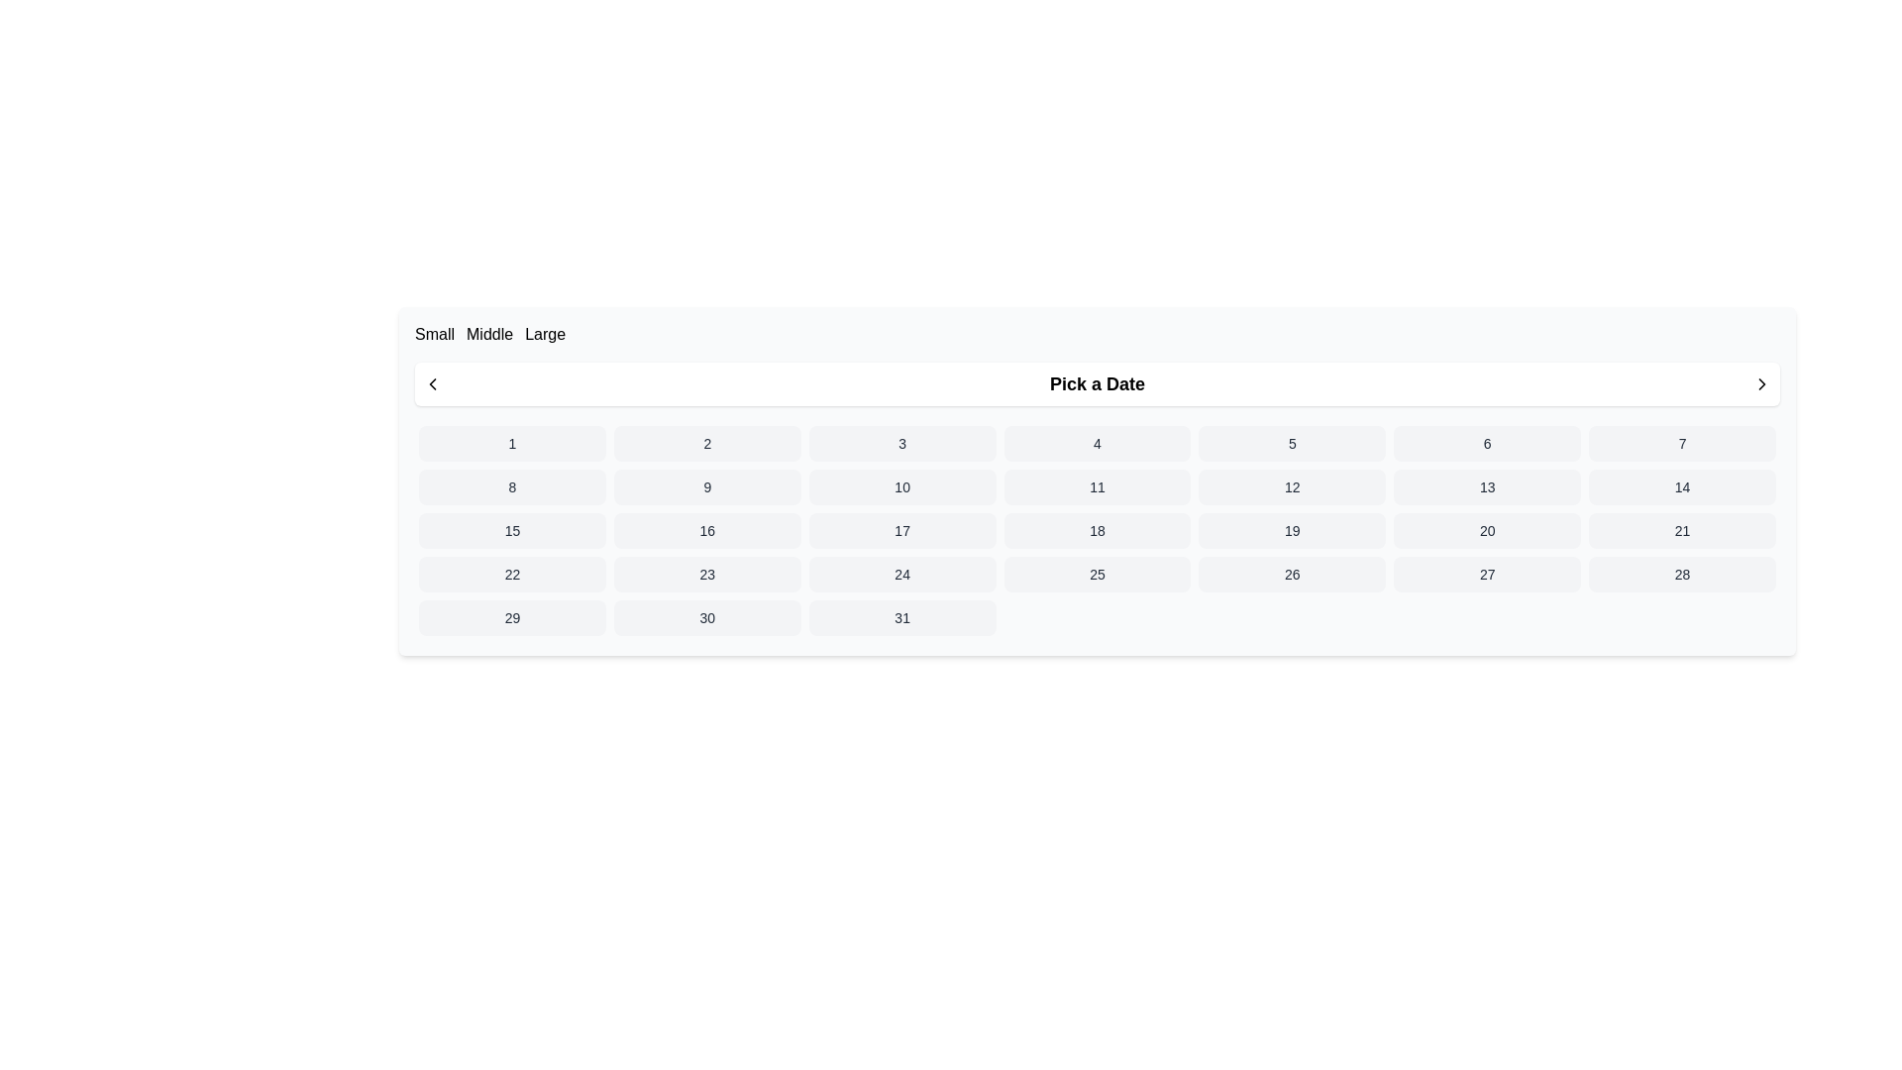  What do you see at coordinates (901, 530) in the screenshot?
I see `the button displaying '17' with a light gray background` at bounding box center [901, 530].